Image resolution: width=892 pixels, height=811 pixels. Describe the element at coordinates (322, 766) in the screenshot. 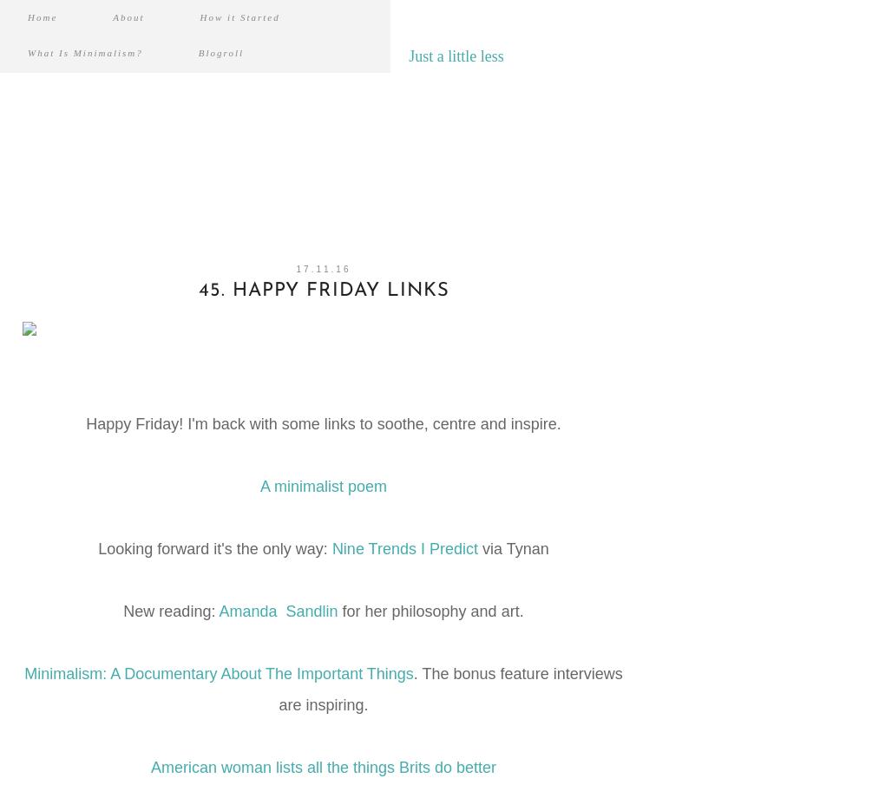

I see `'American woman lists all the things Brits do better'` at that location.